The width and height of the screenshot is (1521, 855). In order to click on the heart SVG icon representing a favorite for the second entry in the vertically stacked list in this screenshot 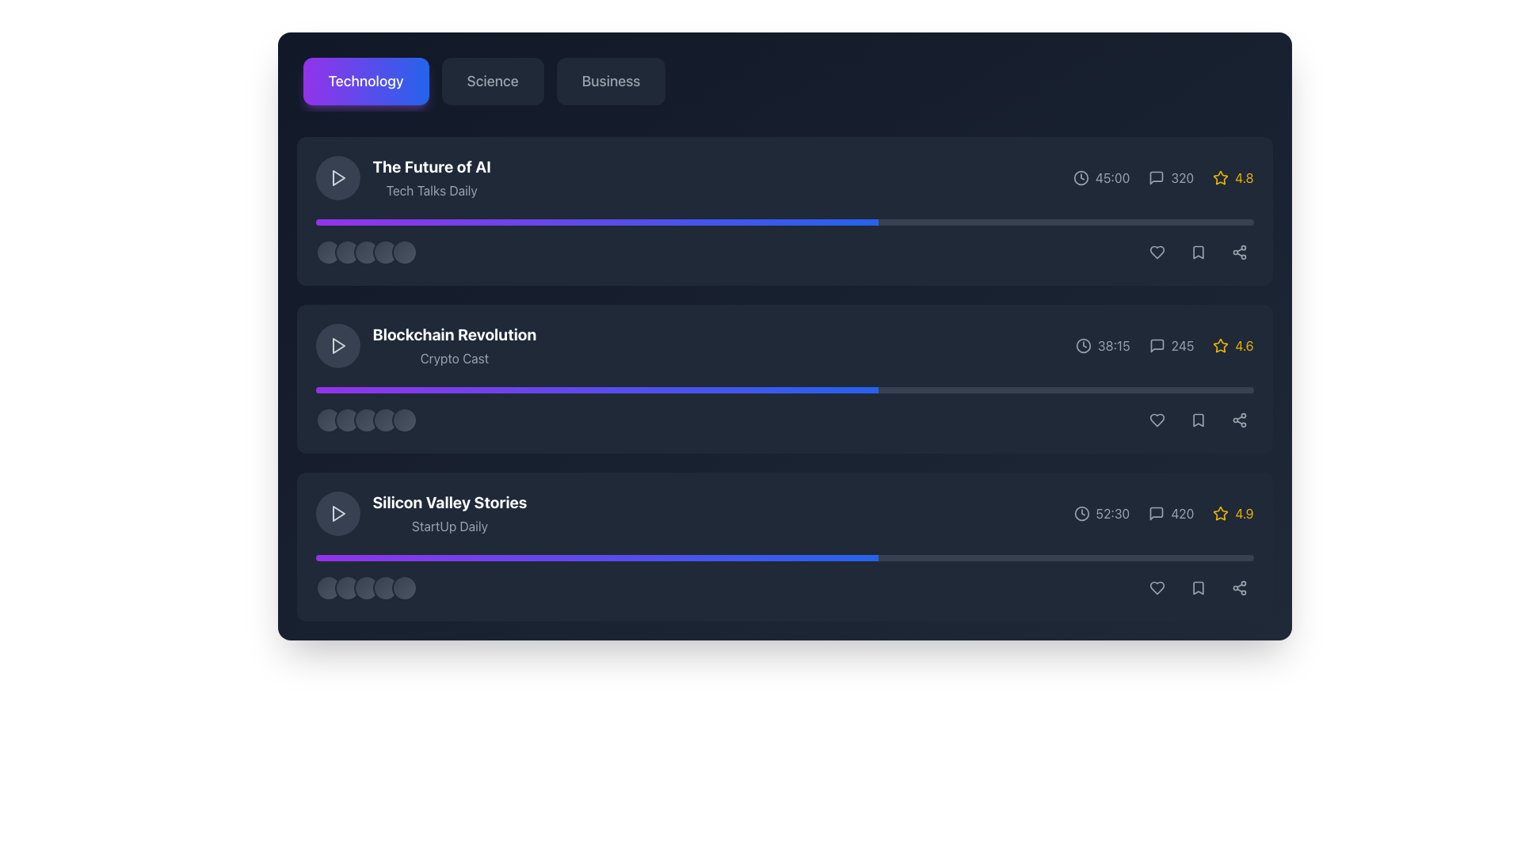, I will do `click(1157, 420)`.